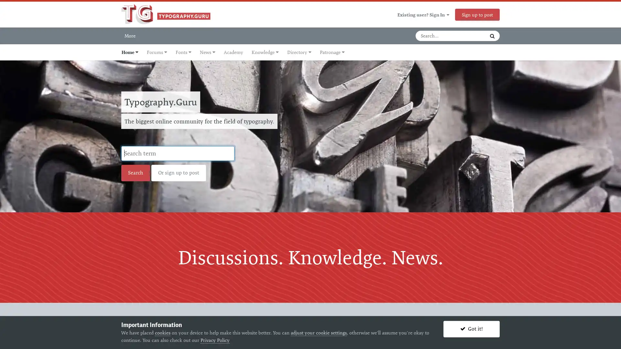 Image resolution: width=621 pixels, height=349 pixels. What do you see at coordinates (492, 36) in the screenshot?
I see `Search` at bounding box center [492, 36].